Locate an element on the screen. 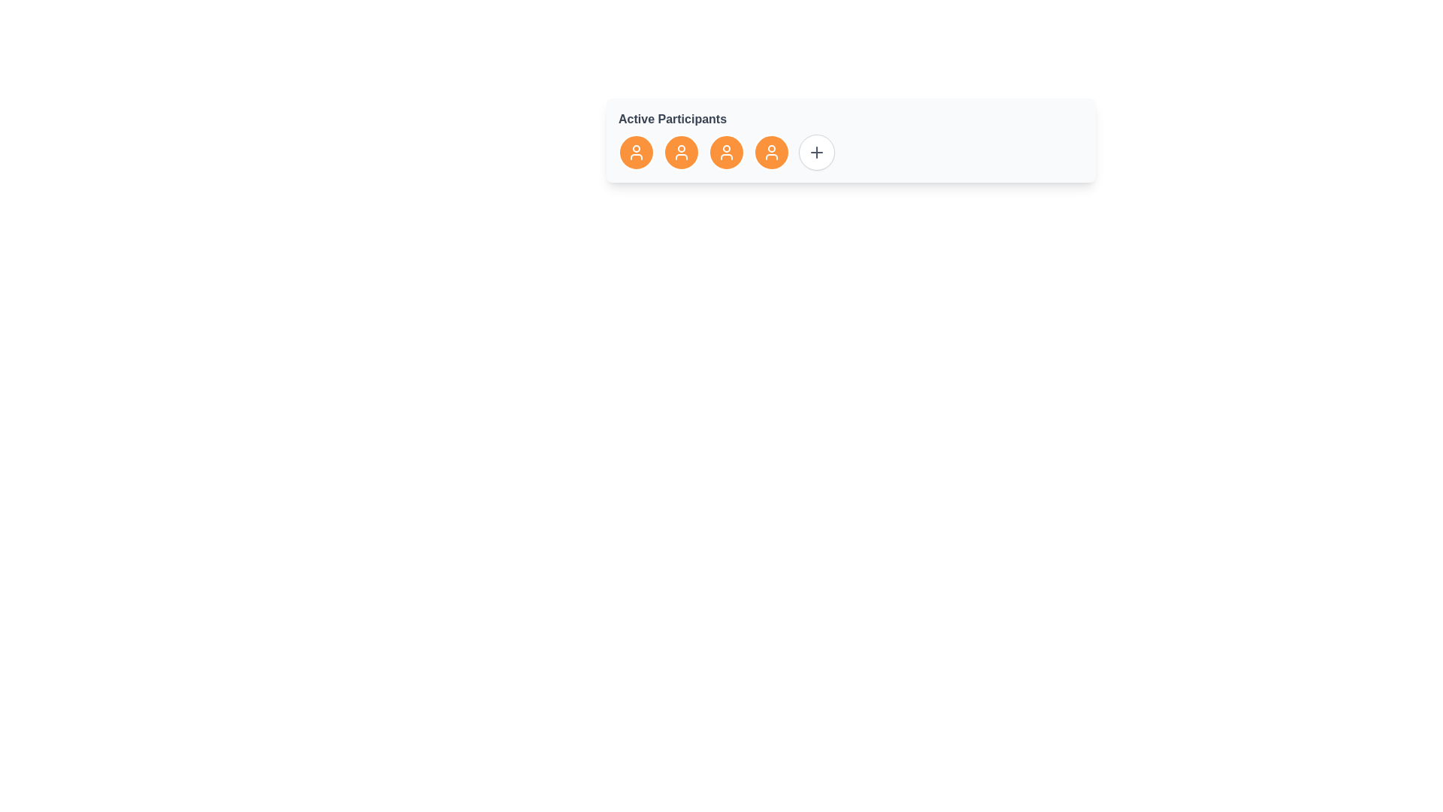  the fourth icon in the row of circular user icons under the 'Active Participants' label is located at coordinates (772, 153).